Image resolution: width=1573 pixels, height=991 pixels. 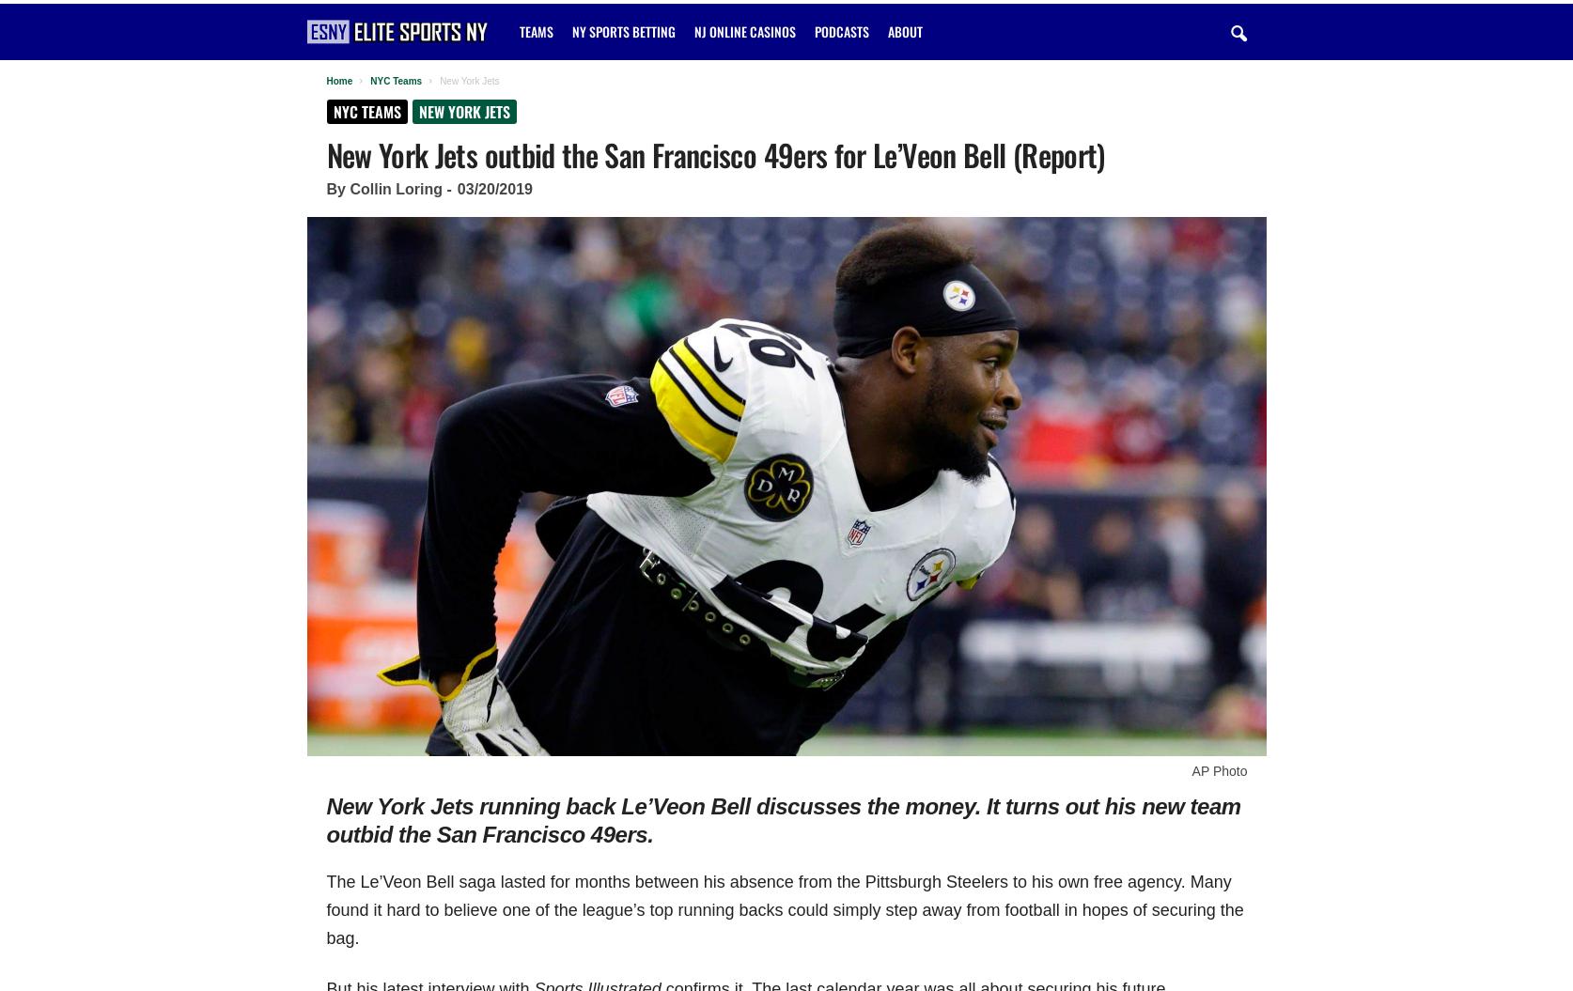 I want to click on 'By', so click(x=335, y=188).